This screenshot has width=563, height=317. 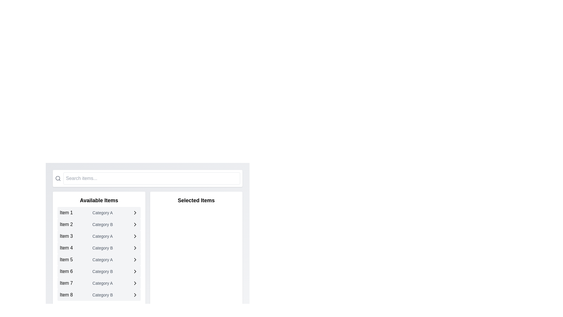 What do you see at coordinates (135, 248) in the screenshot?
I see `the right-facing arrow icon on the light gray background, located at the end of the row for 'Item 4' in 'Category B' of the 'Available Items' list panel` at bounding box center [135, 248].